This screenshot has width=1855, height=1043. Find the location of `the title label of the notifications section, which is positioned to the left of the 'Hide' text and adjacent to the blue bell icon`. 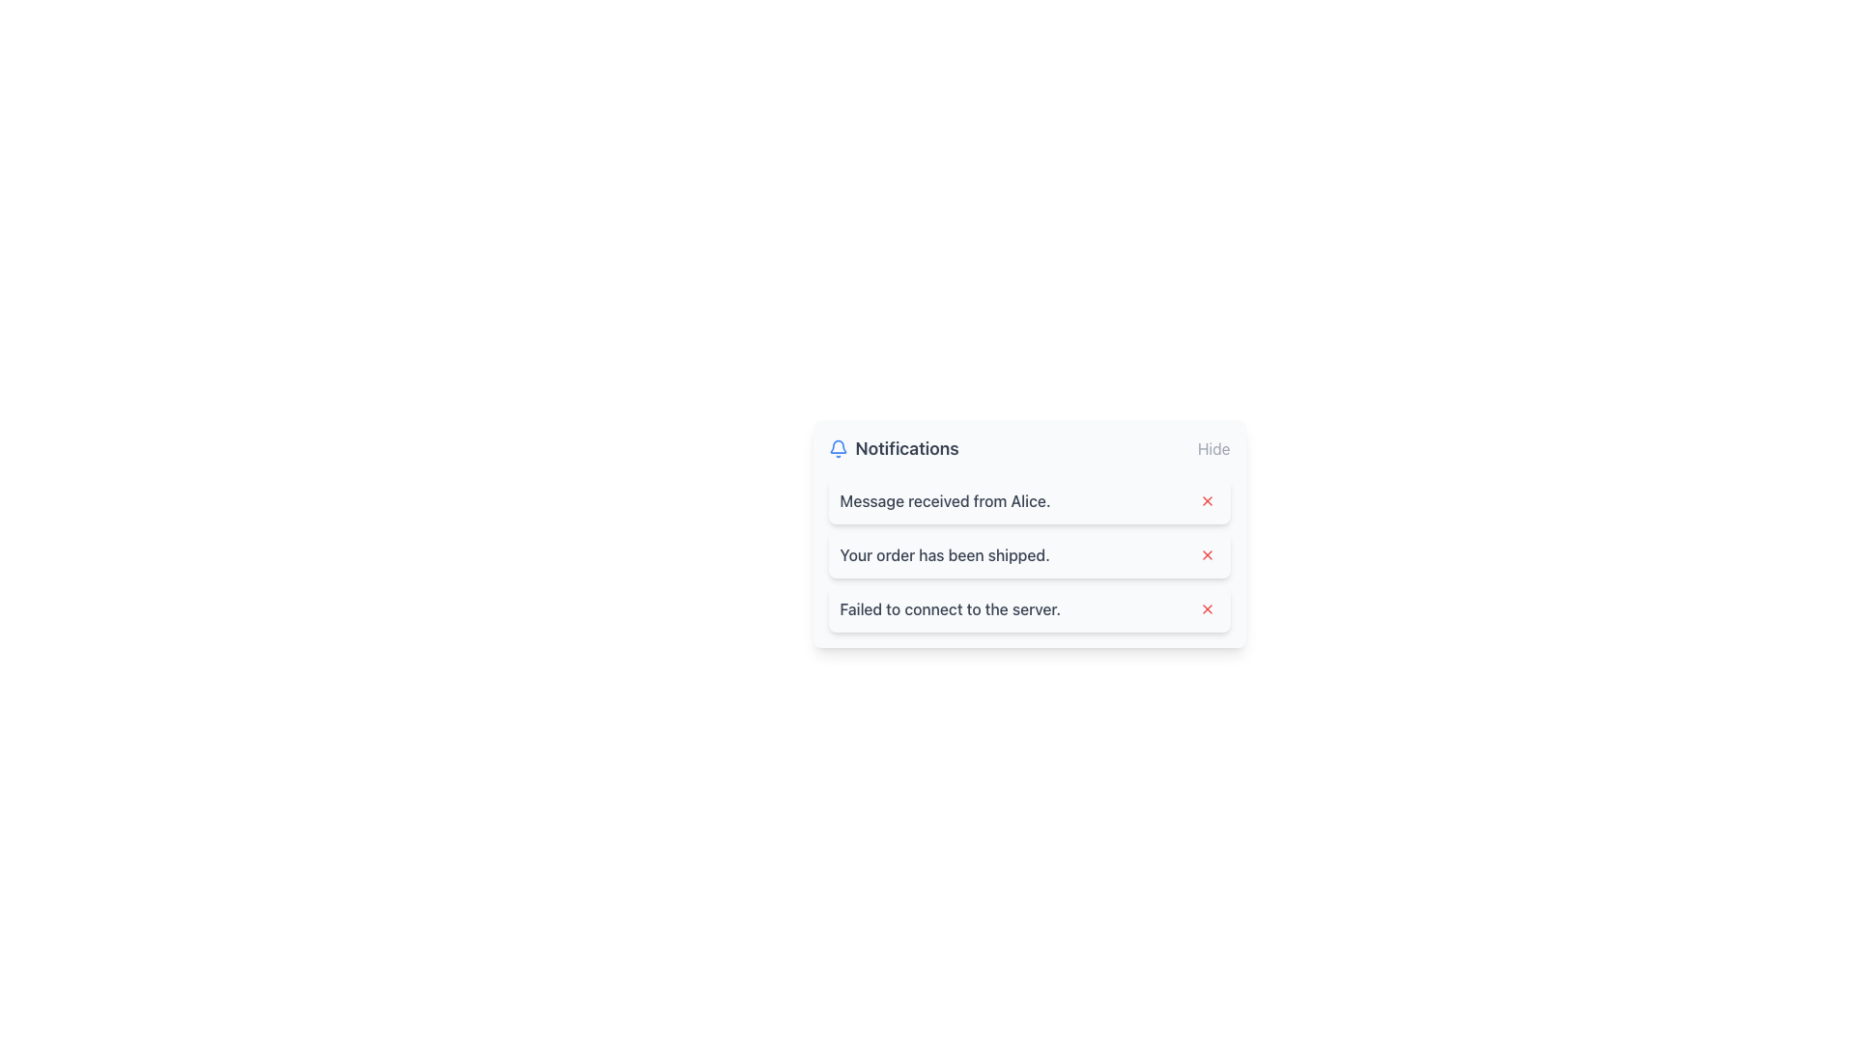

the title label of the notifications section, which is positioned to the left of the 'Hide' text and adjacent to the blue bell icon is located at coordinates (893, 449).